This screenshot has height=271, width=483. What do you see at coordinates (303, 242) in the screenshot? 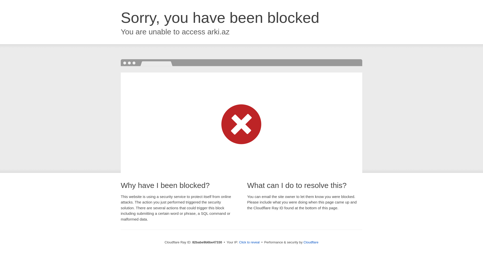
I see `'Cloudflare'` at bounding box center [303, 242].